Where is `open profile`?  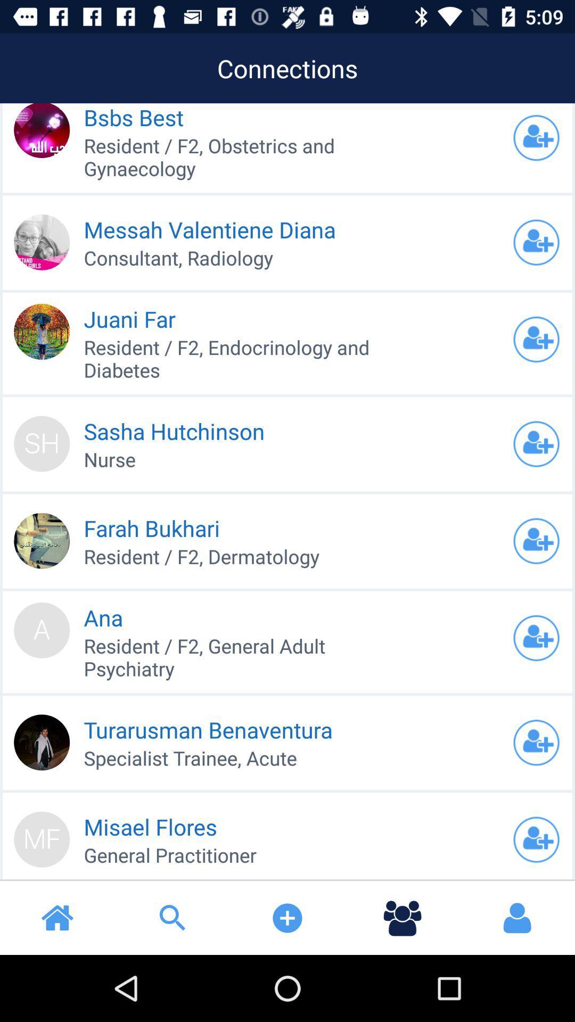
open profile is located at coordinates (536, 742).